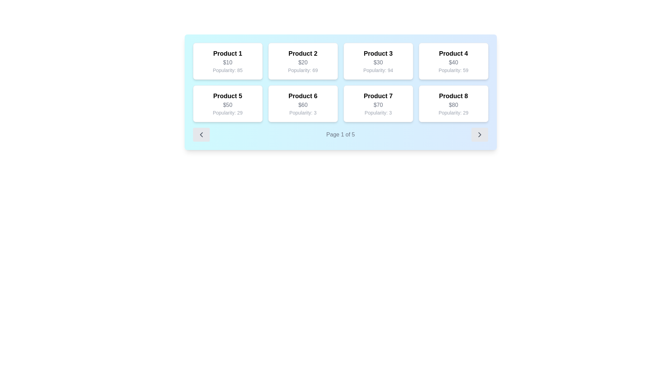  Describe the element at coordinates (228, 63) in the screenshot. I see `the price text label for 'Product 1', which is positioned below the title and above the popularity text` at that location.